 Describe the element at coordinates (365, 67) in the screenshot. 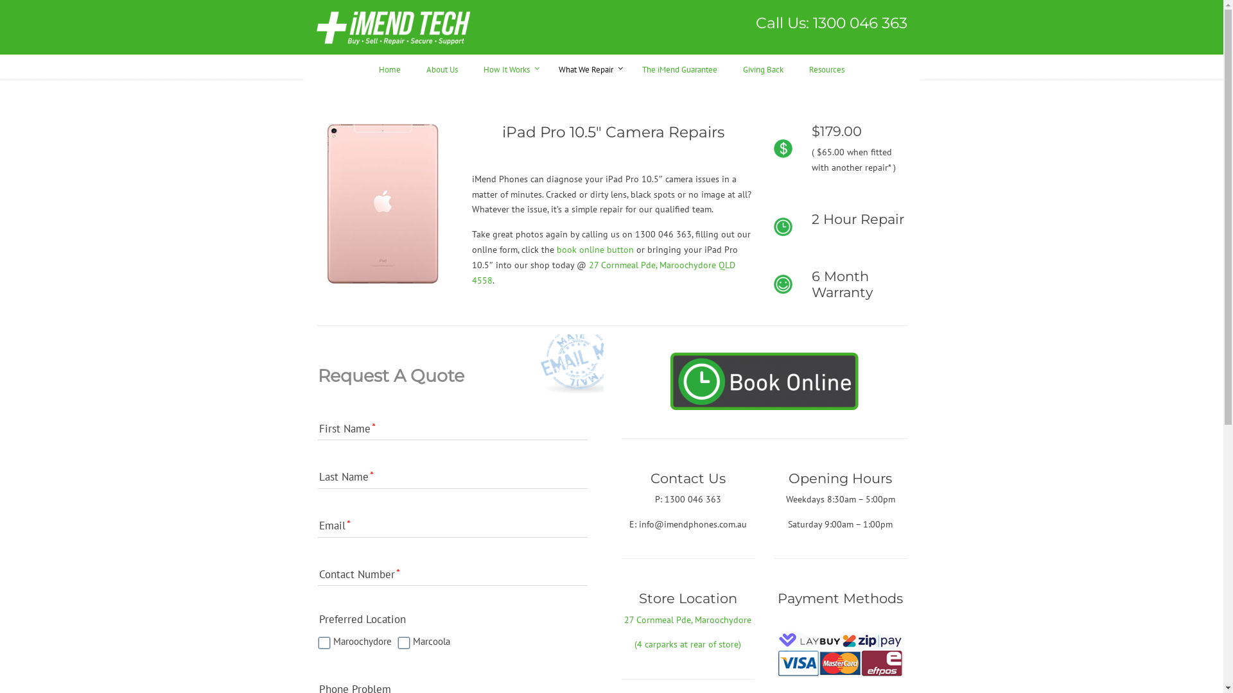

I see `'Home'` at that location.